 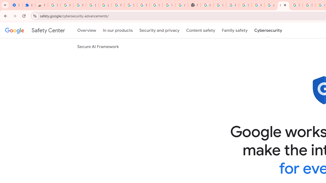 I want to click on 'New Tab', so click(x=194, y=5).